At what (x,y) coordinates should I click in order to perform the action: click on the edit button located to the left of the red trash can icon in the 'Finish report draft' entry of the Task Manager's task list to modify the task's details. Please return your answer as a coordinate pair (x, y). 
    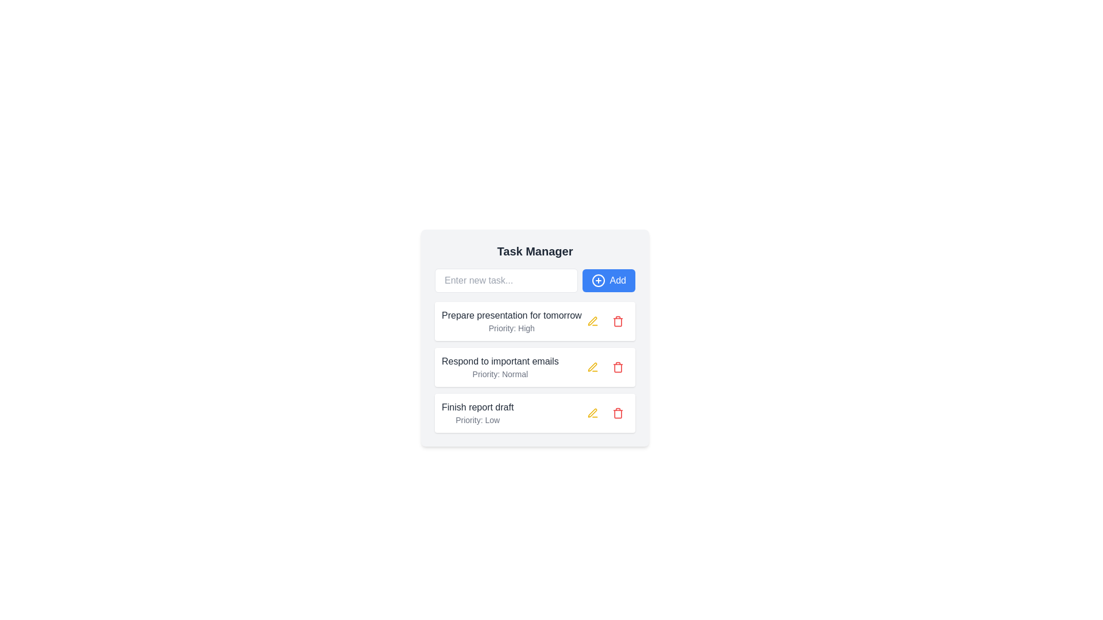
    Looking at the image, I should click on (592, 412).